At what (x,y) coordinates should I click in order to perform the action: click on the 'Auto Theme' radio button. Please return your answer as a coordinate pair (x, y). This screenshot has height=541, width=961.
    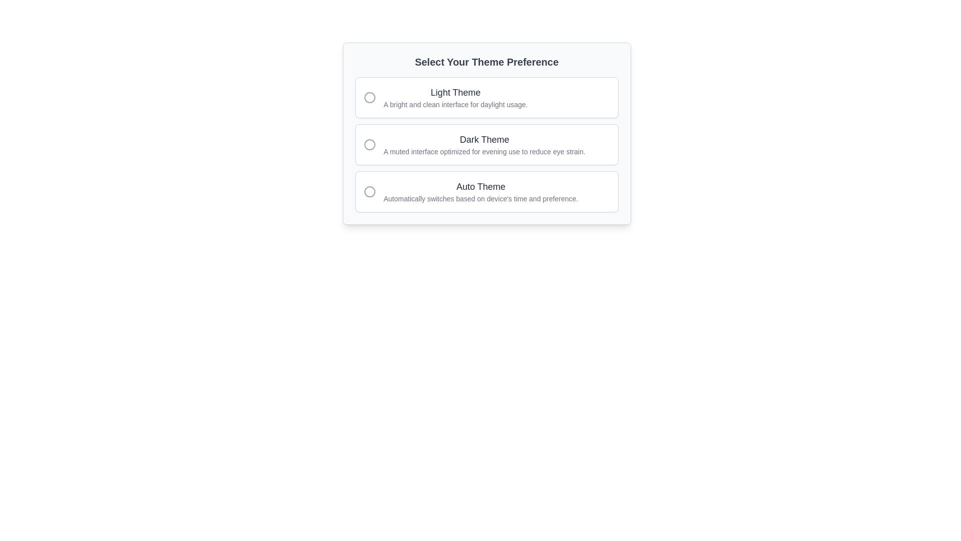
    Looking at the image, I should click on (487, 191).